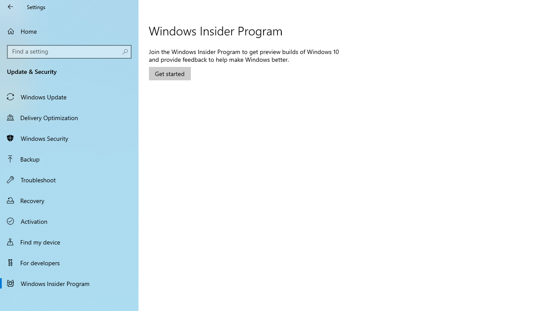  Describe the element at coordinates (69, 96) in the screenshot. I see `'Windows Update'` at that location.